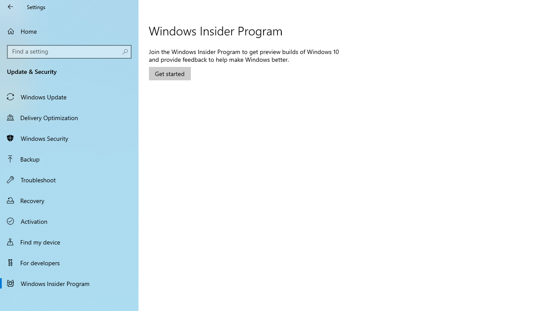  Describe the element at coordinates (69, 96) in the screenshot. I see `'Windows Update'` at that location.